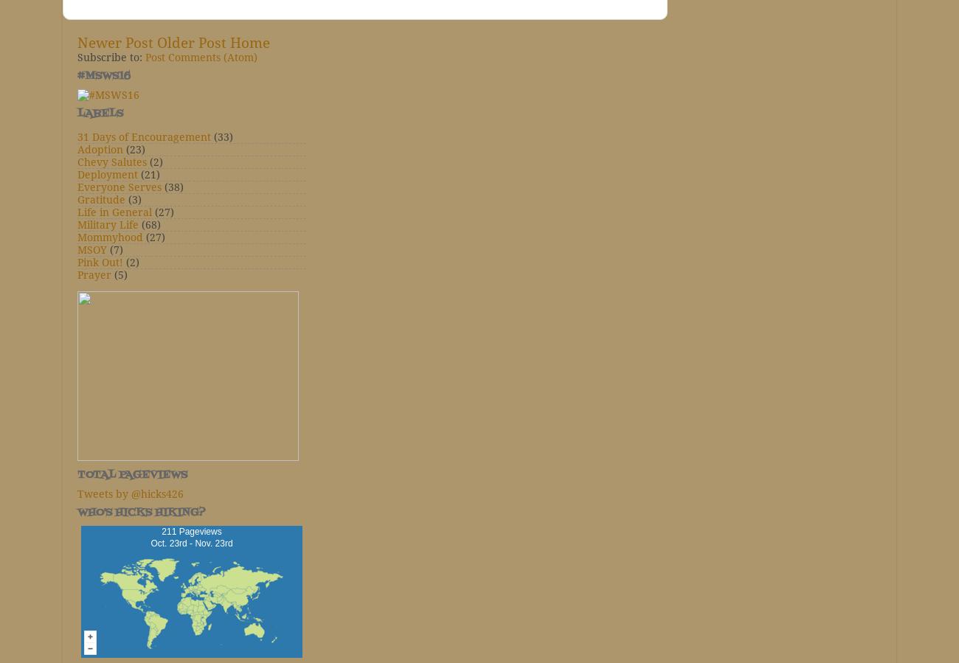  Describe the element at coordinates (191, 42) in the screenshot. I see `'Older Post'` at that location.